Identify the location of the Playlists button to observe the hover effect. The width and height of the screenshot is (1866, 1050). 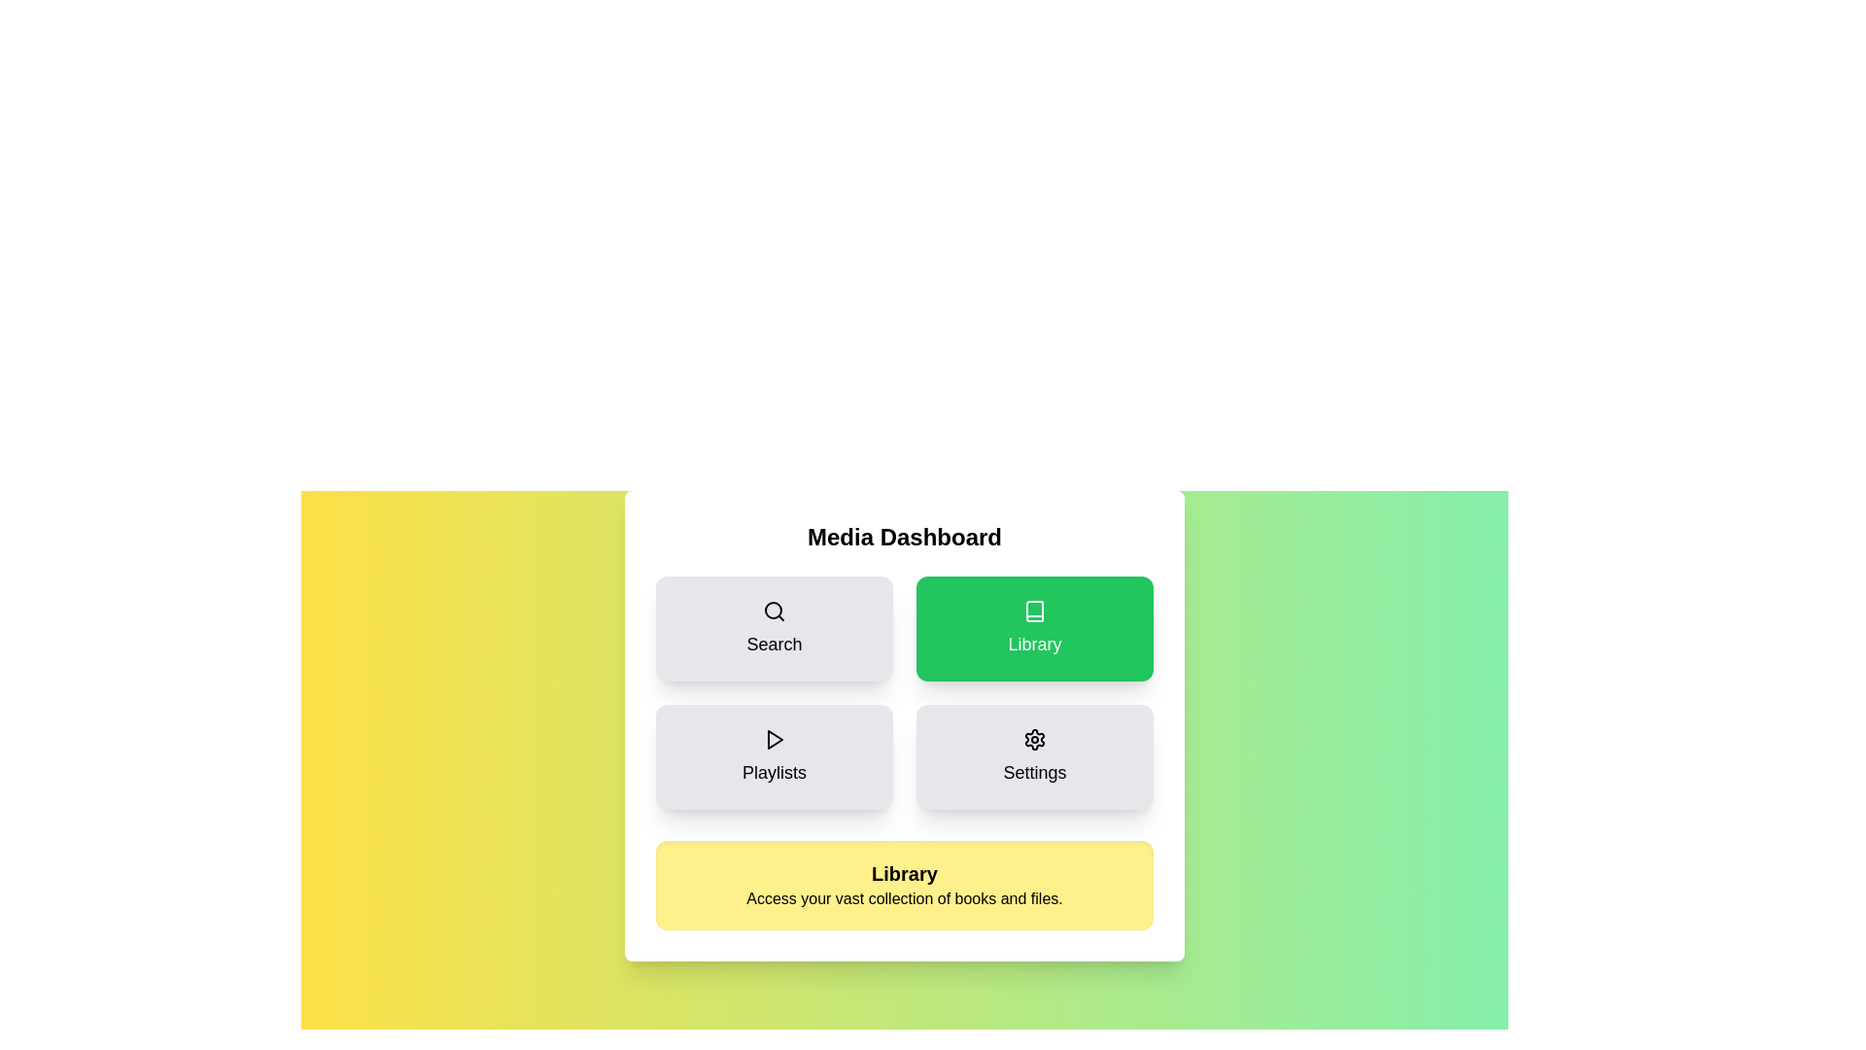
(773, 756).